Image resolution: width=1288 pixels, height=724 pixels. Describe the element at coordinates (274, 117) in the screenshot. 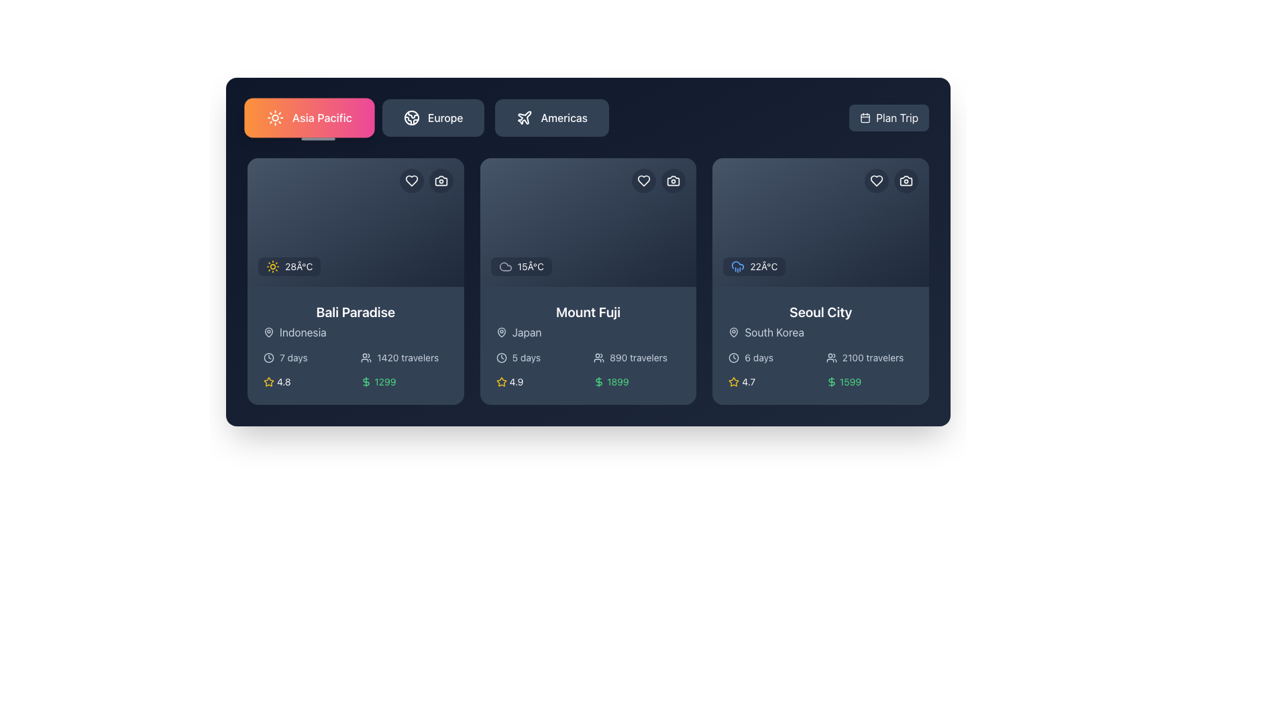

I see `the 'Asia Pacific' icon representing sunlight` at that location.